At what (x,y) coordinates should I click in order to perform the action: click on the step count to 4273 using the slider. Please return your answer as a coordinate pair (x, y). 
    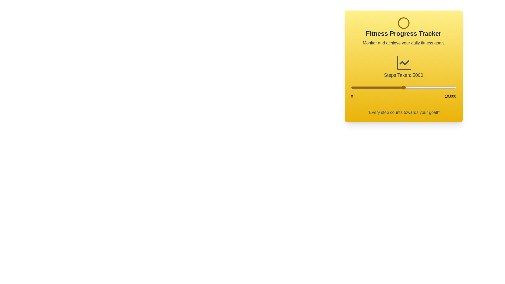
    Looking at the image, I should click on (396, 87).